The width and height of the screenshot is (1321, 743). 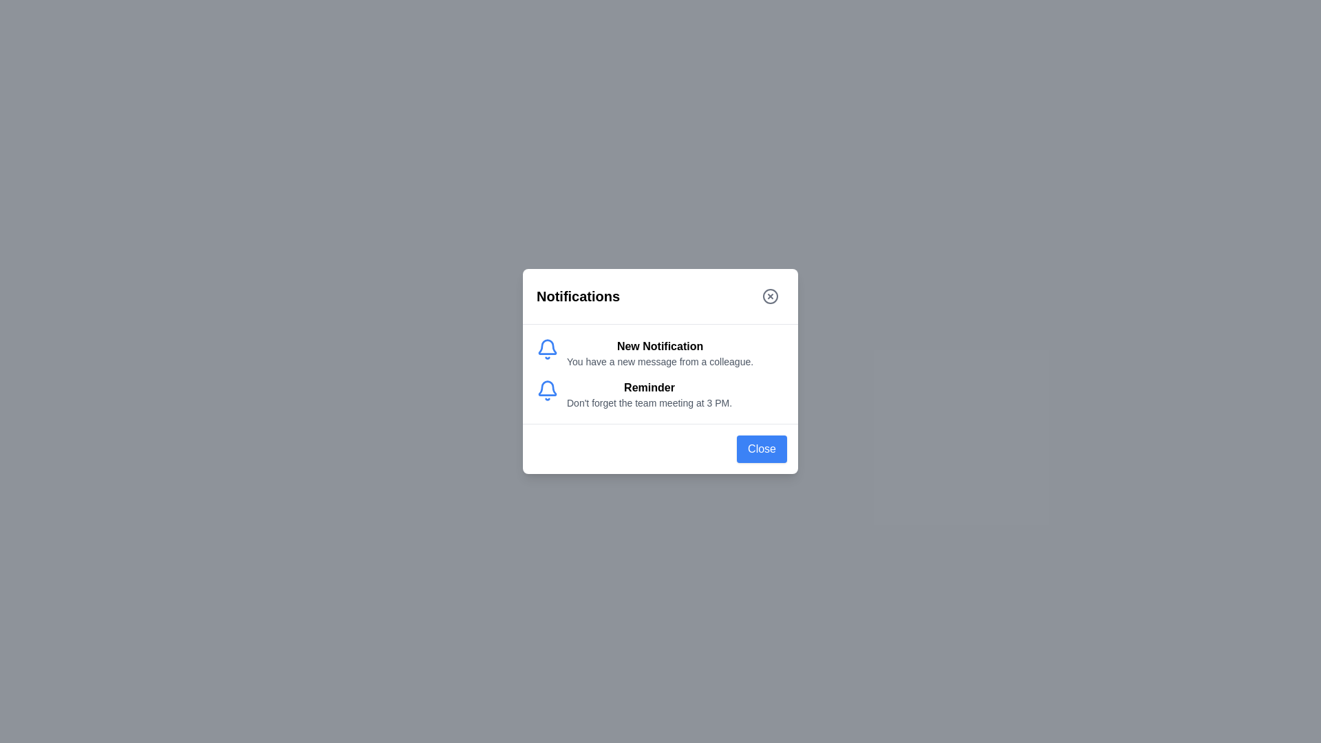 What do you see at coordinates (649, 402) in the screenshot?
I see `the non-interactive text label providing context for the 'Reminder' notification, which is located in the notification cluster near the center of the UI` at bounding box center [649, 402].